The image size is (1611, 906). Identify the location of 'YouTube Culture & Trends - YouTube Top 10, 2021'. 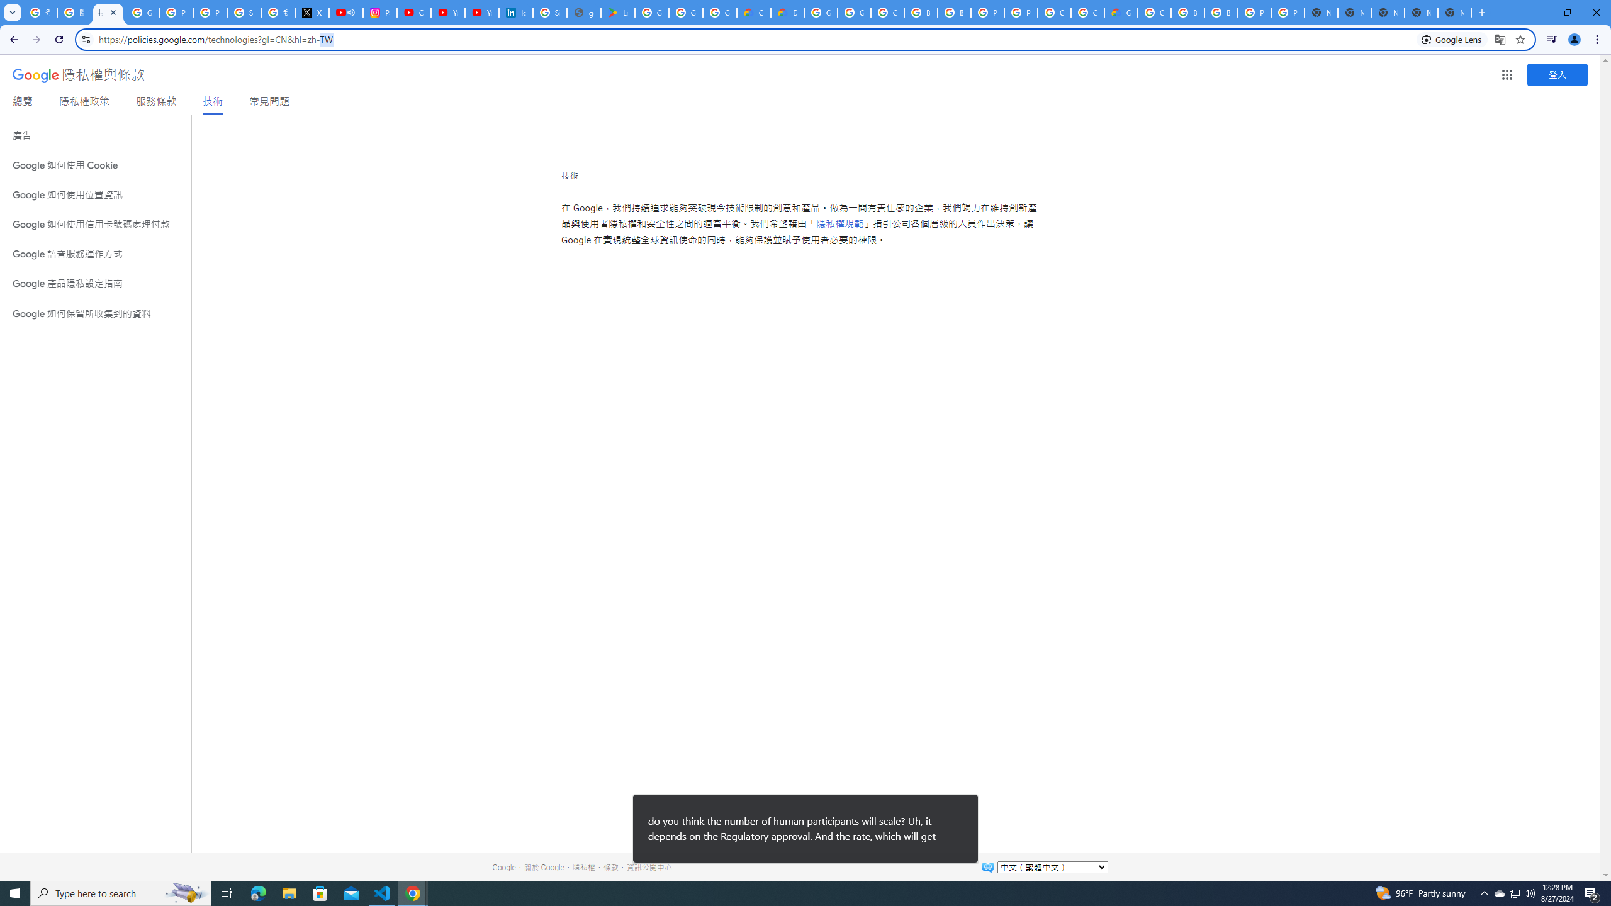
(481, 12).